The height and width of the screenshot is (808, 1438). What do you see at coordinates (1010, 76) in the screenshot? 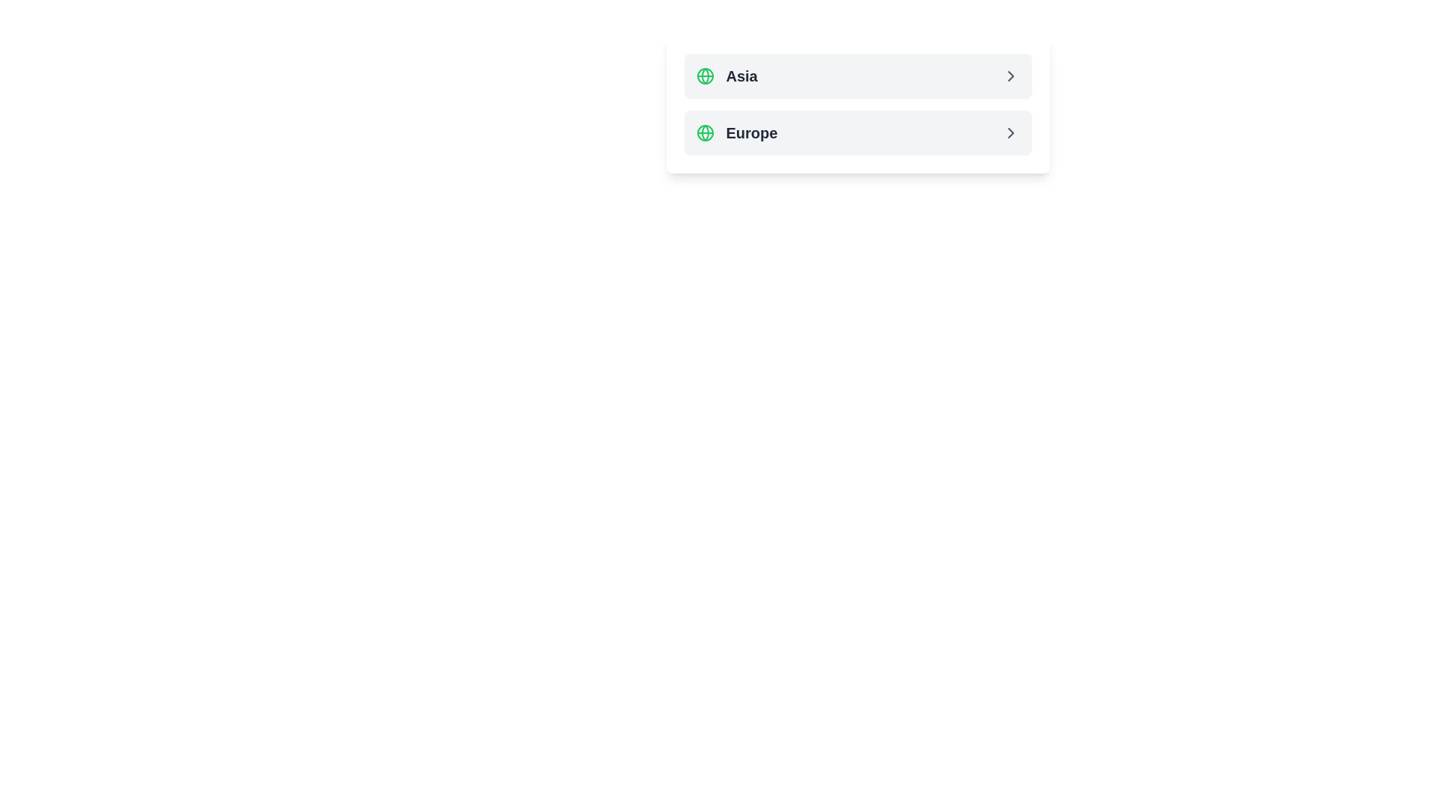
I see `the navigation icon located on the right side of the 'Asia' list item` at bounding box center [1010, 76].